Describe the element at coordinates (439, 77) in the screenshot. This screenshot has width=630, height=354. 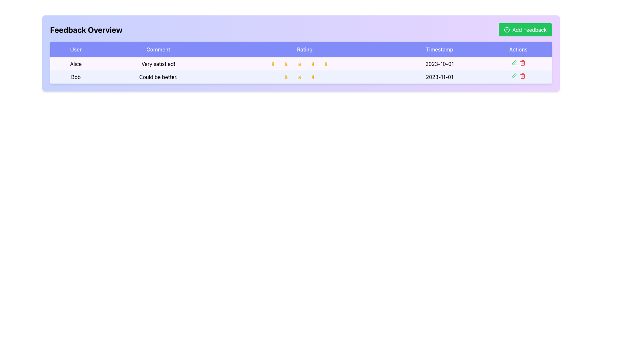
I see `the static text displaying '2023-11-01' located in the second row of the feedback table under the 'Timestamp' column for user 'Bob'` at that location.